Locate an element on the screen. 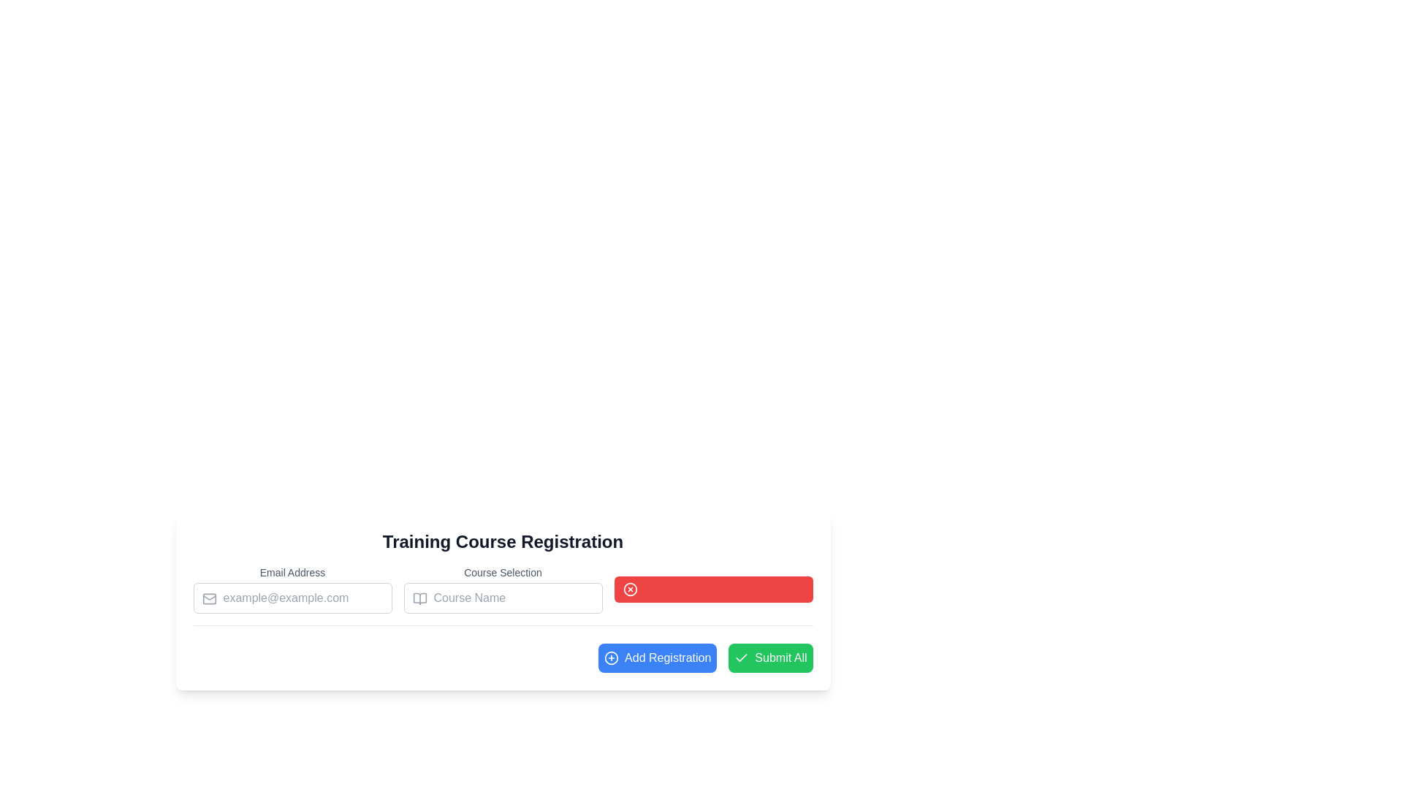 The height and width of the screenshot is (789, 1403). the icon located inside the right-most red button of the 'Training Course Registration' form is located at coordinates (630, 588).